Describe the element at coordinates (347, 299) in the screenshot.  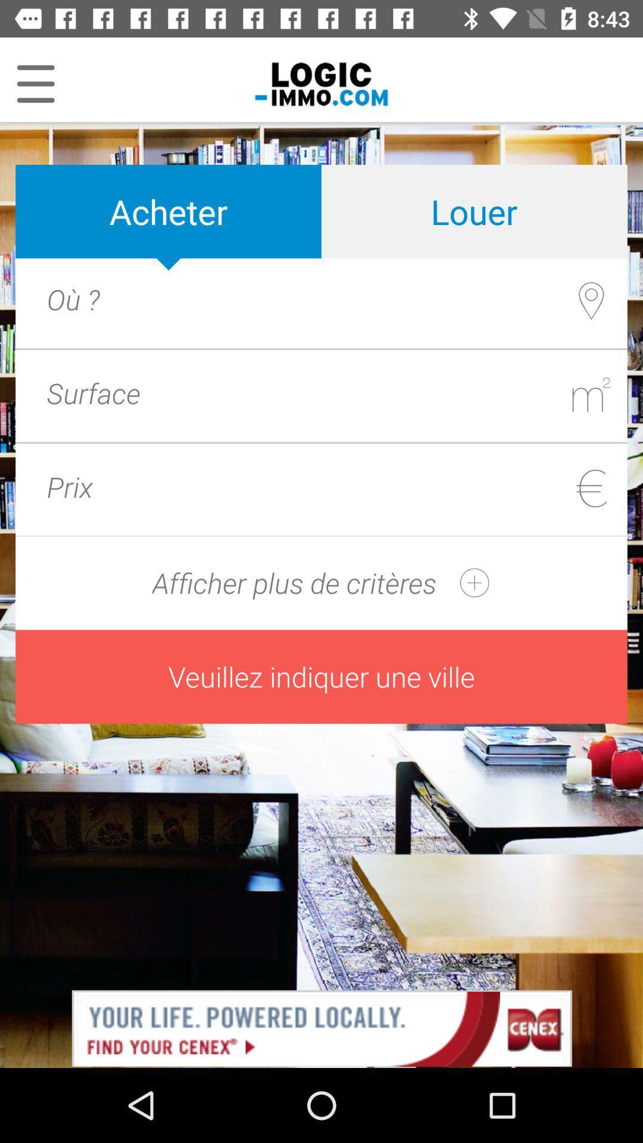
I see `acheter the article` at that location.